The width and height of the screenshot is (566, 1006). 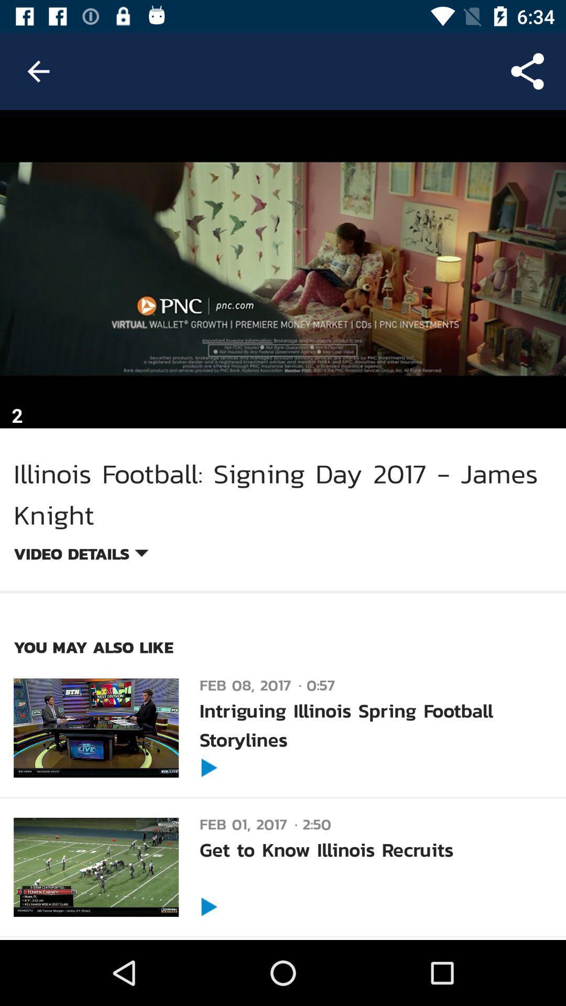 What do you see at coordinates (80, 555) in the screenshot?
I see `item above you may also icon` at bounding box center [80, 555].